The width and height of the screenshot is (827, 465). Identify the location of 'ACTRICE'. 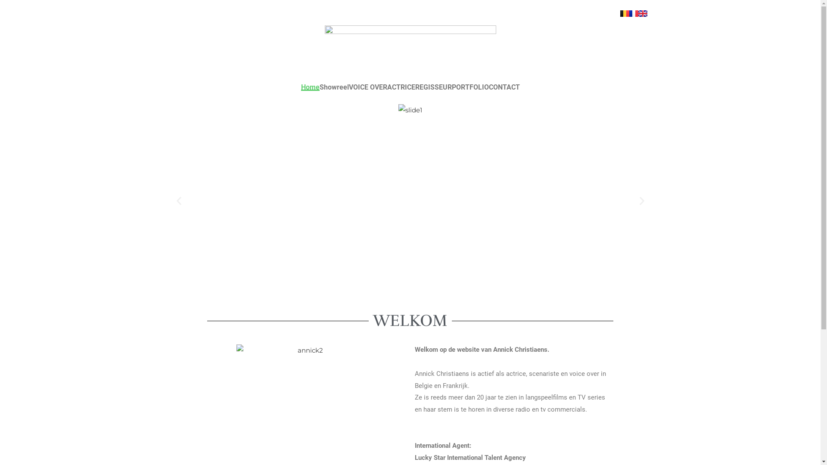
(400, 87).